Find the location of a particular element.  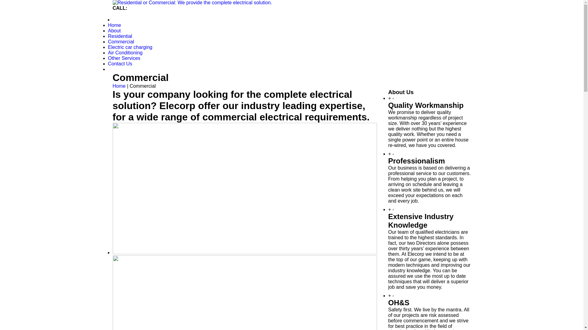

'About' is located at coordinates (114, 31).